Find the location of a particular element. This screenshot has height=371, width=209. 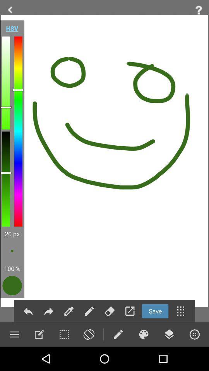

eraser option is located at coordinates (109, 311).